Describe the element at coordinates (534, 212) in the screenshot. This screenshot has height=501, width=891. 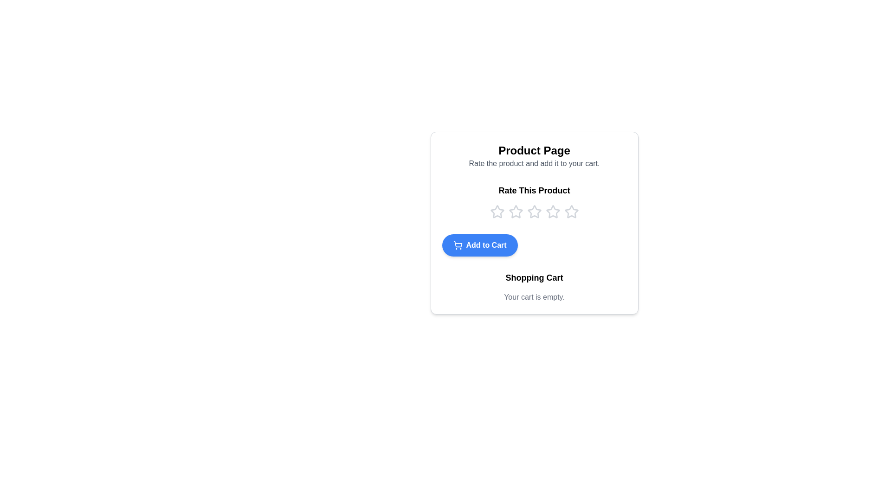
I see `the second star in the star rating button` at that location.